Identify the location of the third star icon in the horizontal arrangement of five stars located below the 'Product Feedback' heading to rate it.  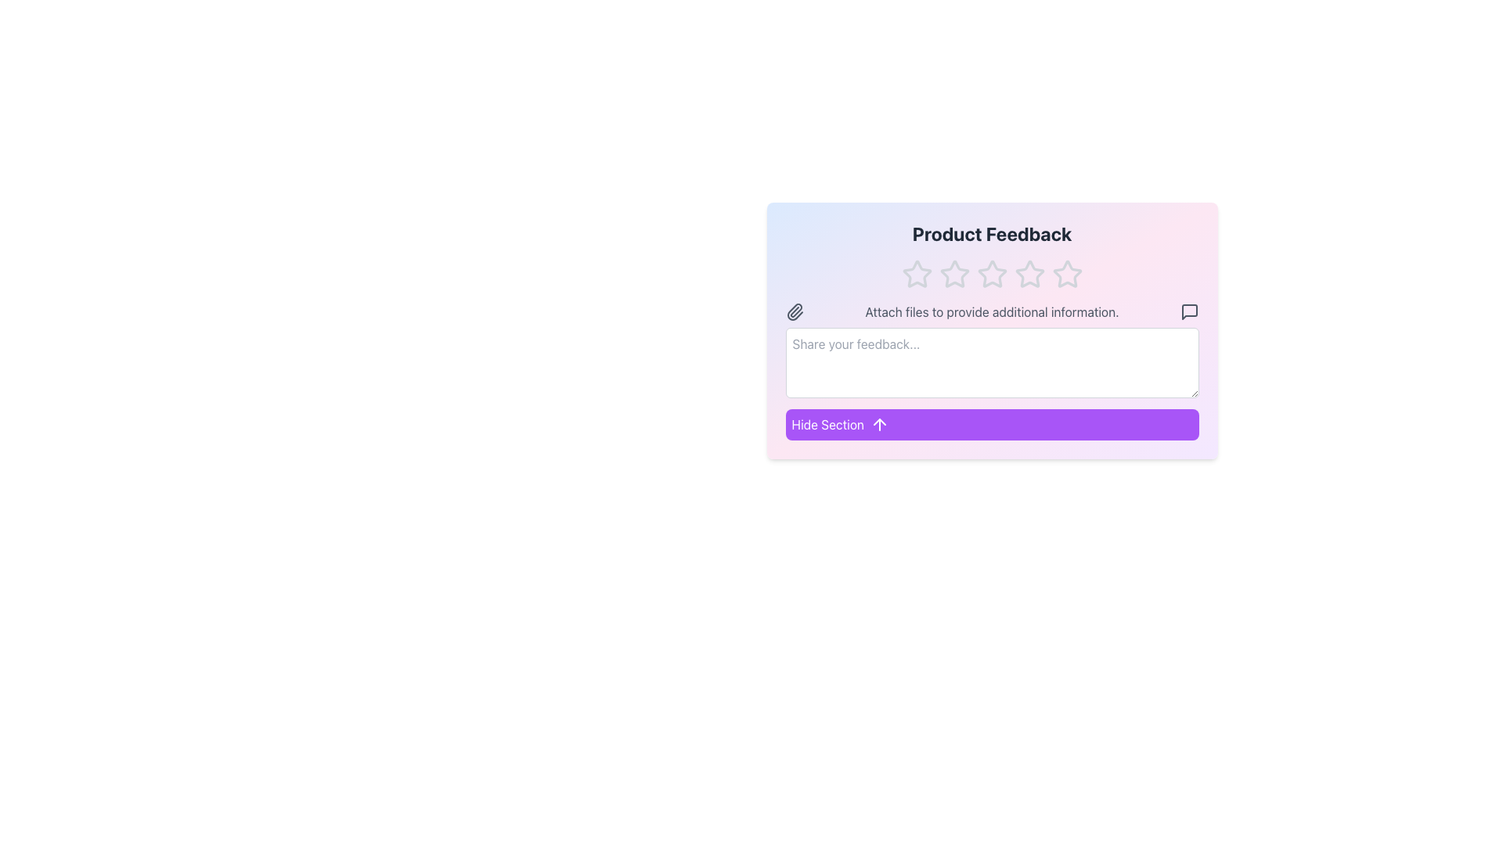
(991, 274).